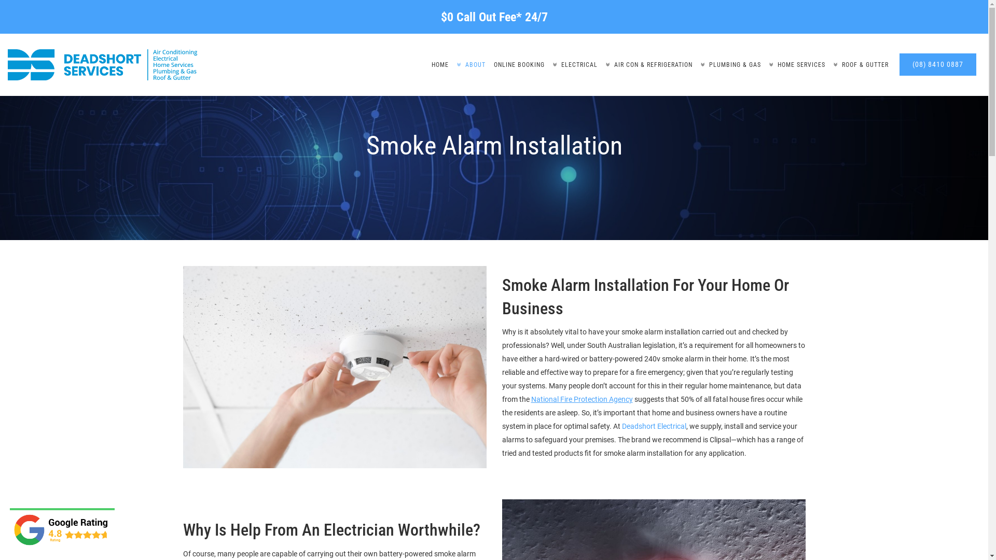 The image size is (996, 560). What do you see at coordinates (440, 64) in the screenshot?
I see `'HOME'` at bounding box center [440, 64].